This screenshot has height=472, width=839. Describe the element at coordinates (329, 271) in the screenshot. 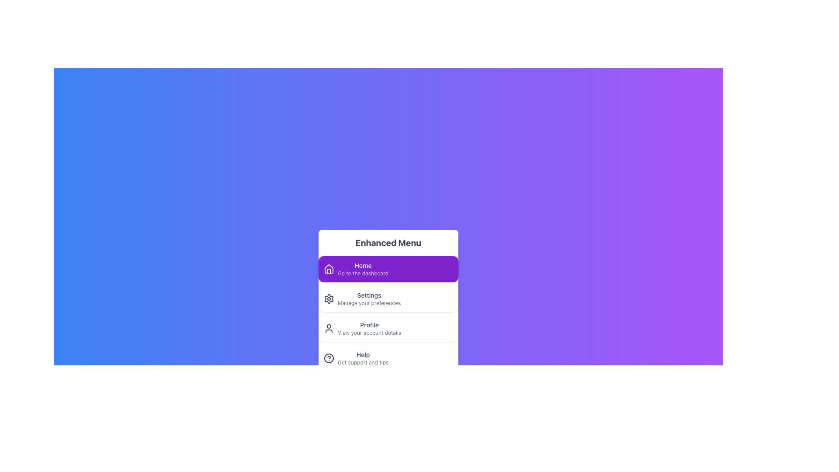

I see `the vertical line of the house icon located in the 'Home' button area, which acts as a central support structure of the design` at that location.